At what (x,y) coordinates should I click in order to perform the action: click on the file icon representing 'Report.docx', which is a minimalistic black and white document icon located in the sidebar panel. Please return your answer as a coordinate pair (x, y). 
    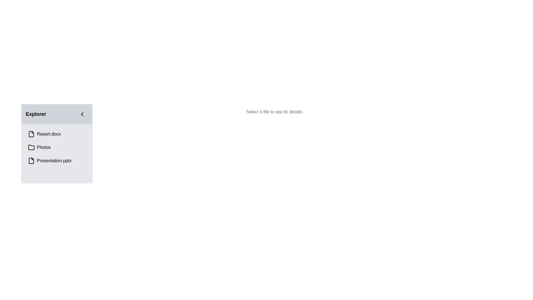
    Looking at the image, I should click on (31, 134).